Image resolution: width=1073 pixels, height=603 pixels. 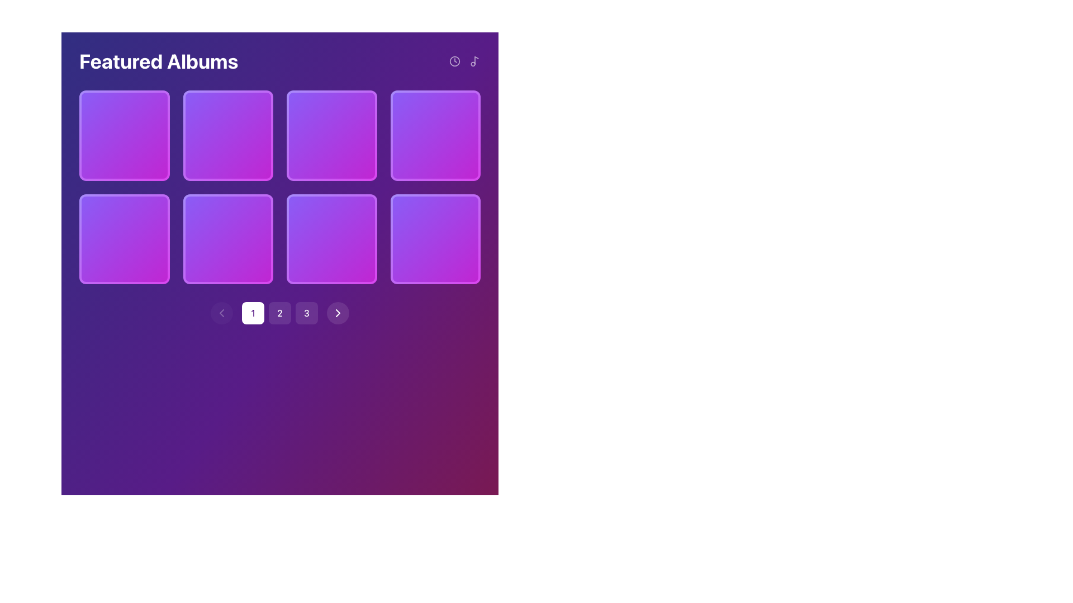 What do you see at coordinates (459, 215) in the screenshot?
I see `the favorite button located in the top-right corner of the fourth item in the second row of the grid layout` at bounding box center [459, 215].